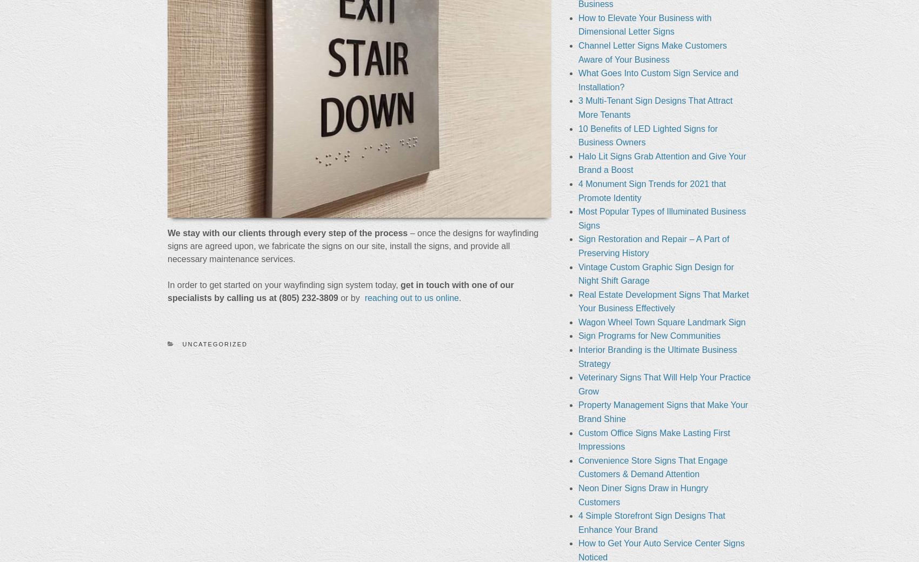  I want to click on '(805) 232-3809', so click(308, 297).